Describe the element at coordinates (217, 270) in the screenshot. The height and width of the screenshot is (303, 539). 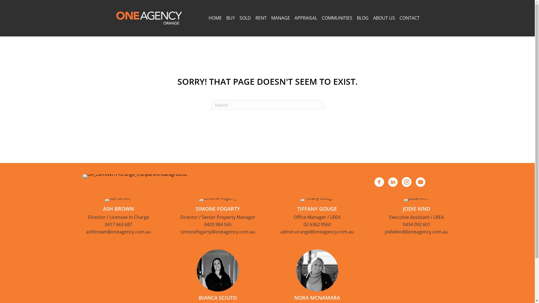
I see `'bianca-sciuto'` at that location.